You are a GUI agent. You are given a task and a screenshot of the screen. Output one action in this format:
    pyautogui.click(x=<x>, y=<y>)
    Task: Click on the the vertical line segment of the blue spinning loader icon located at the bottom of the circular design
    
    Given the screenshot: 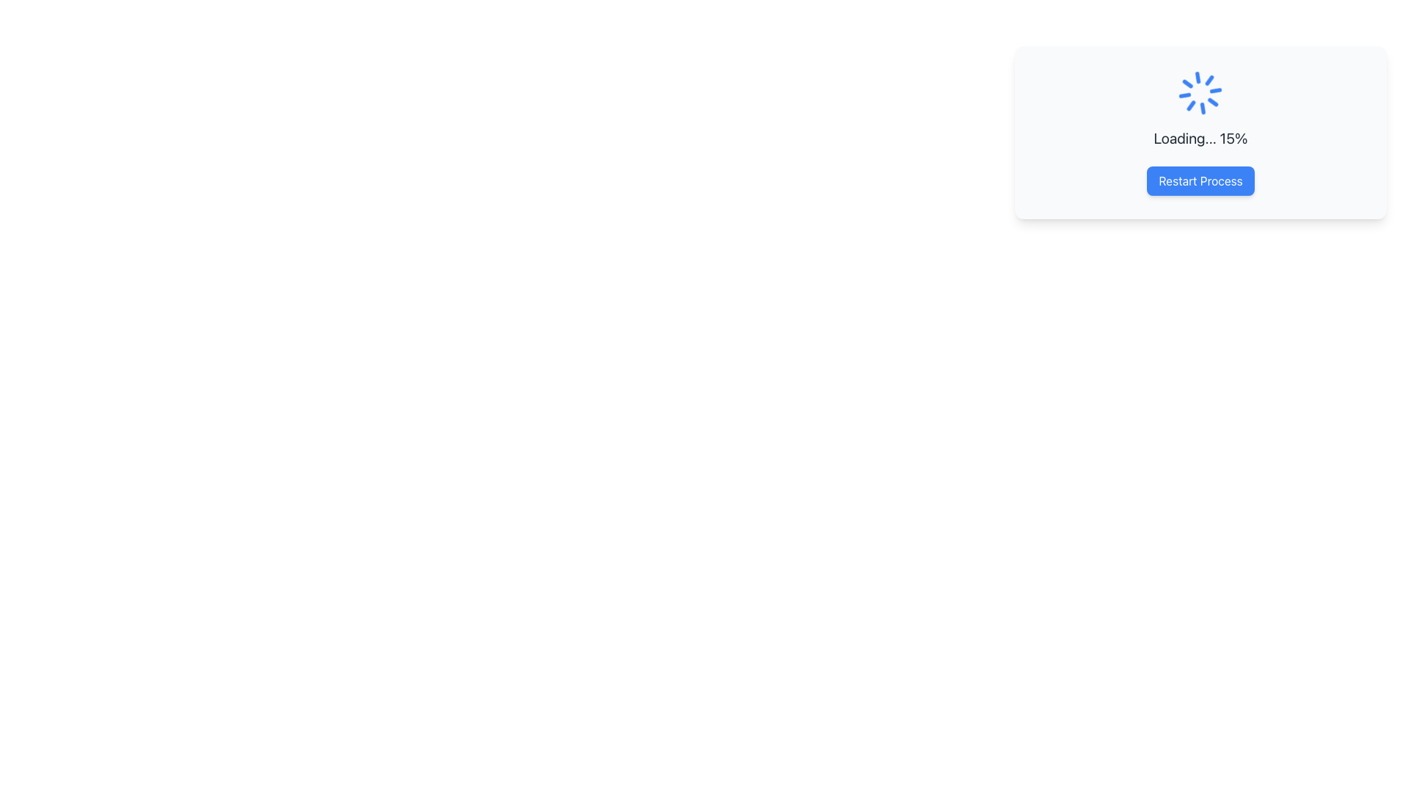 What is the action you would take?
    pyautogui.click(x=1195, y=78)
    